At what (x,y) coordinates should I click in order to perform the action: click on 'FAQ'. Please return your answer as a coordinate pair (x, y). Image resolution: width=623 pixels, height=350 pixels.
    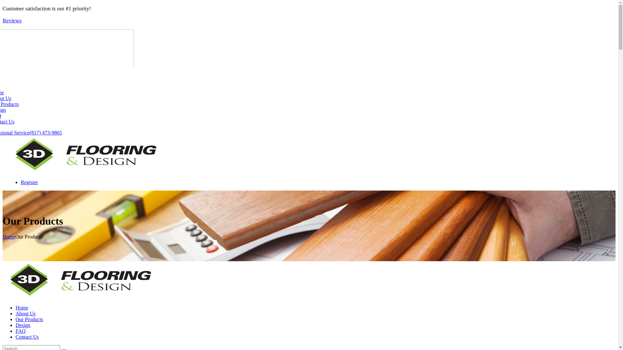
    Looking at the image, I should click on (20, 331).